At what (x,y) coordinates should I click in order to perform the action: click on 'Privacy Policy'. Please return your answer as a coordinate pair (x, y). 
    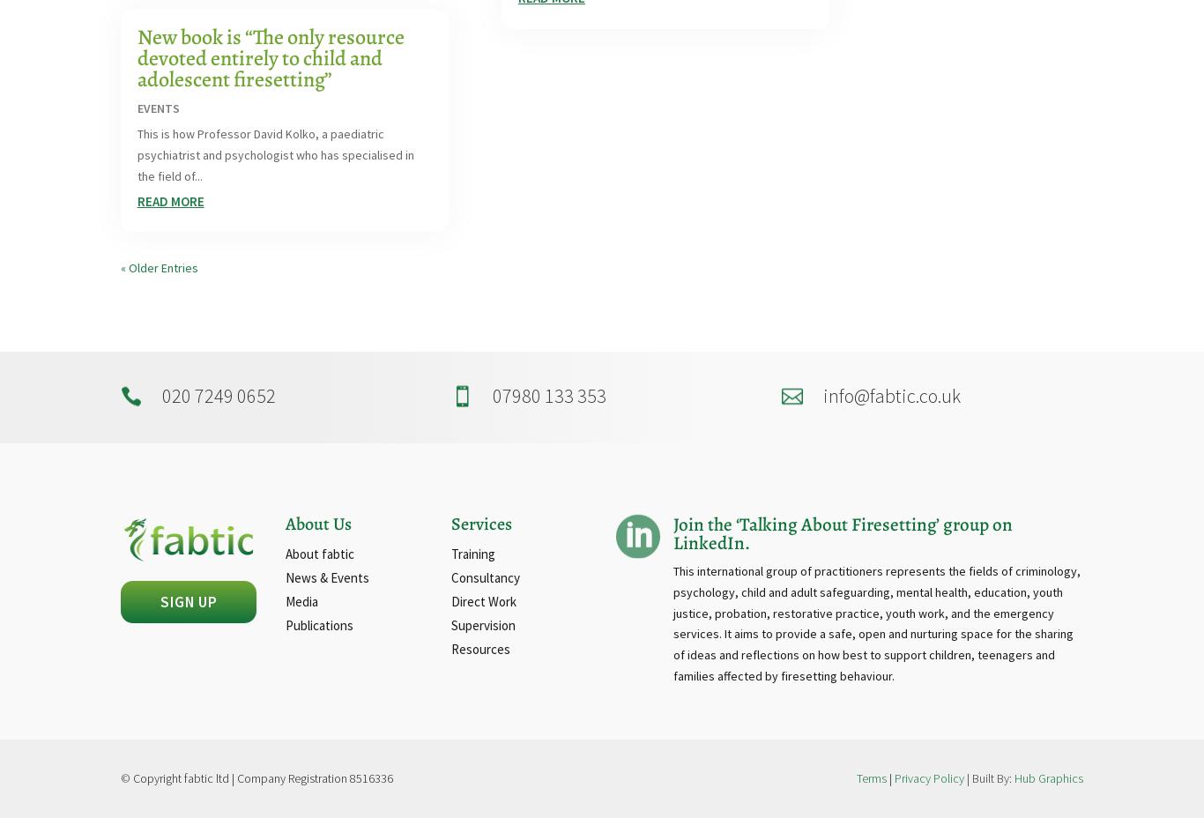
    Looking at the image, I should click on (928, 777).